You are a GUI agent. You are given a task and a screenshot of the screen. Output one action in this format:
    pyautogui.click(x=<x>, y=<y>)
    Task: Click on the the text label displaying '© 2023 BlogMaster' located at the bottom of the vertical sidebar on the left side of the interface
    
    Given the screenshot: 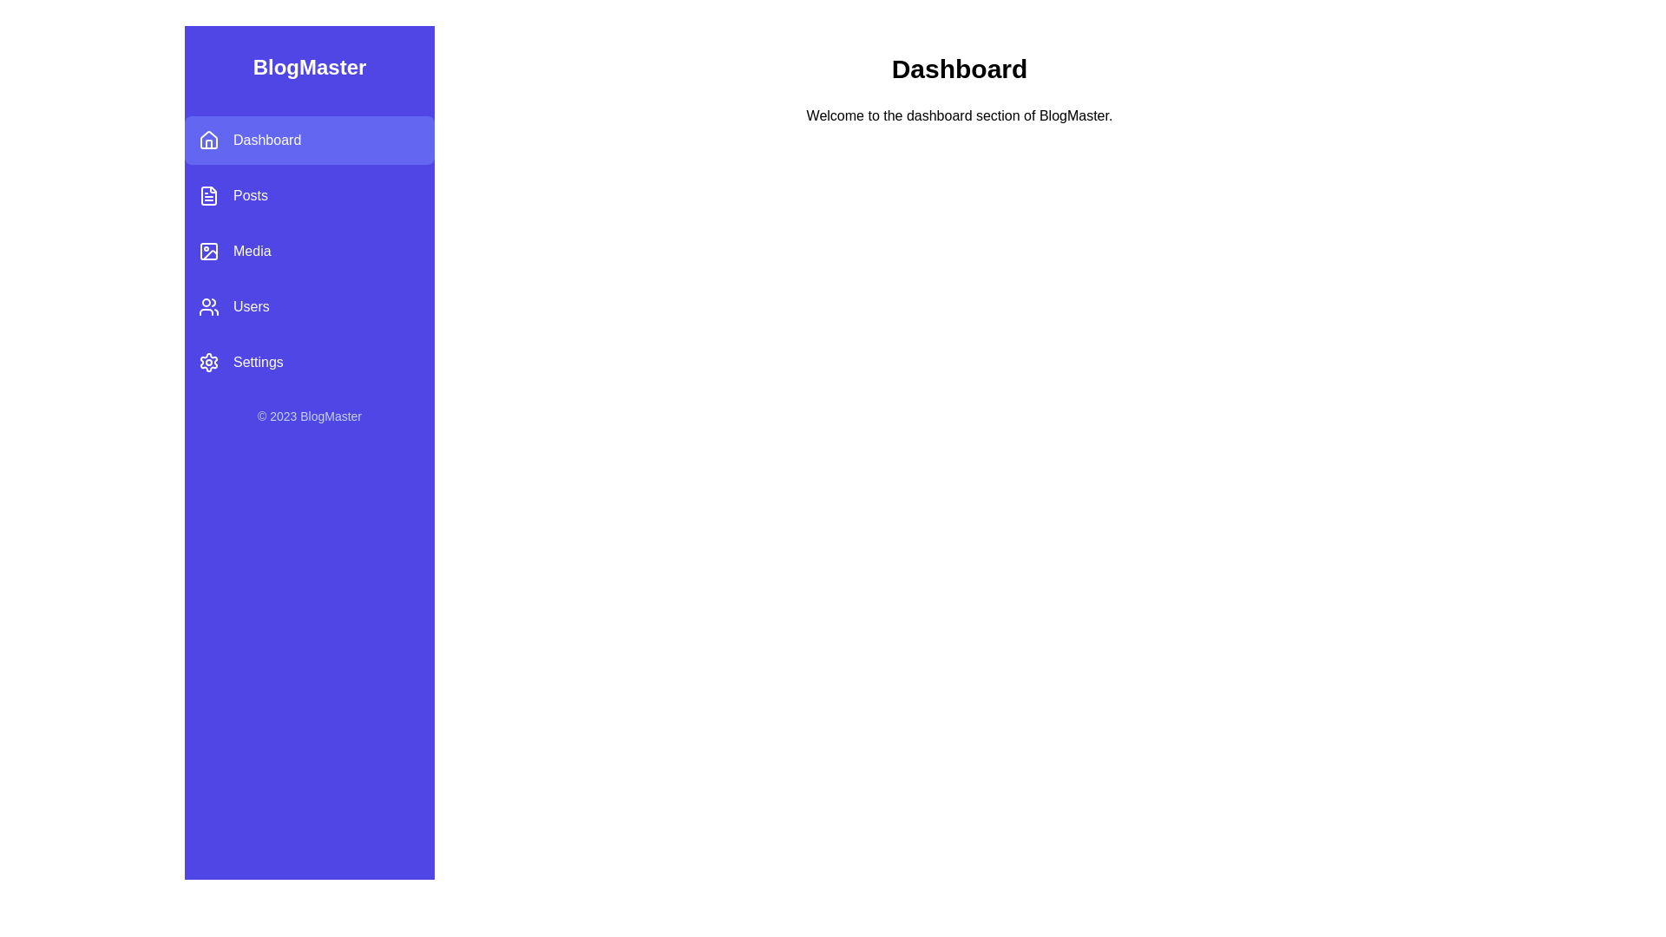 What is the action you would take?
    pyautogui.click(x=309, y=416)
    